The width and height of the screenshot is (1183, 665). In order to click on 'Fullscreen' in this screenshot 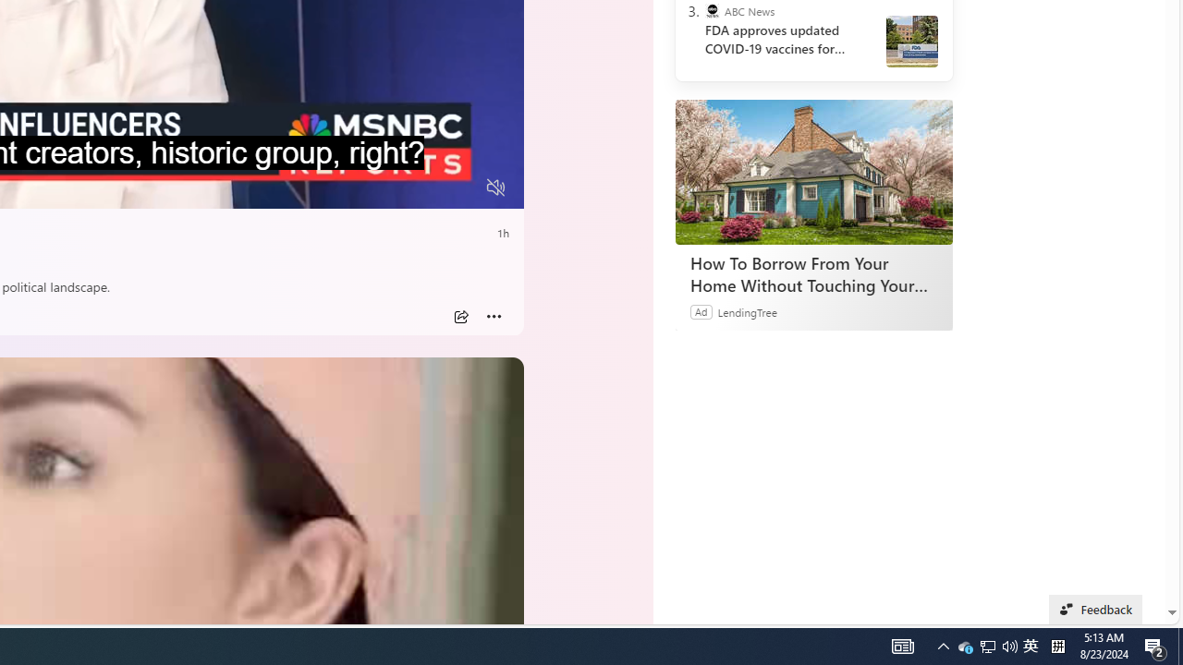, I will do `click(459, 187)`.